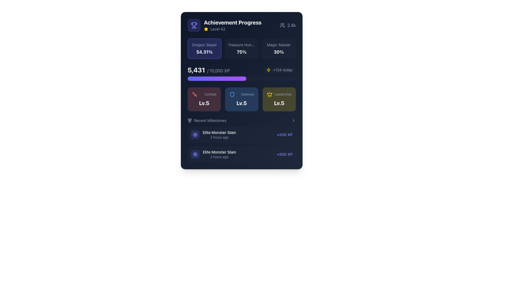  I want to click on the second informational block displaying the progress percentage for the 'Treasure Hunter' achievement, so click(241, 48).